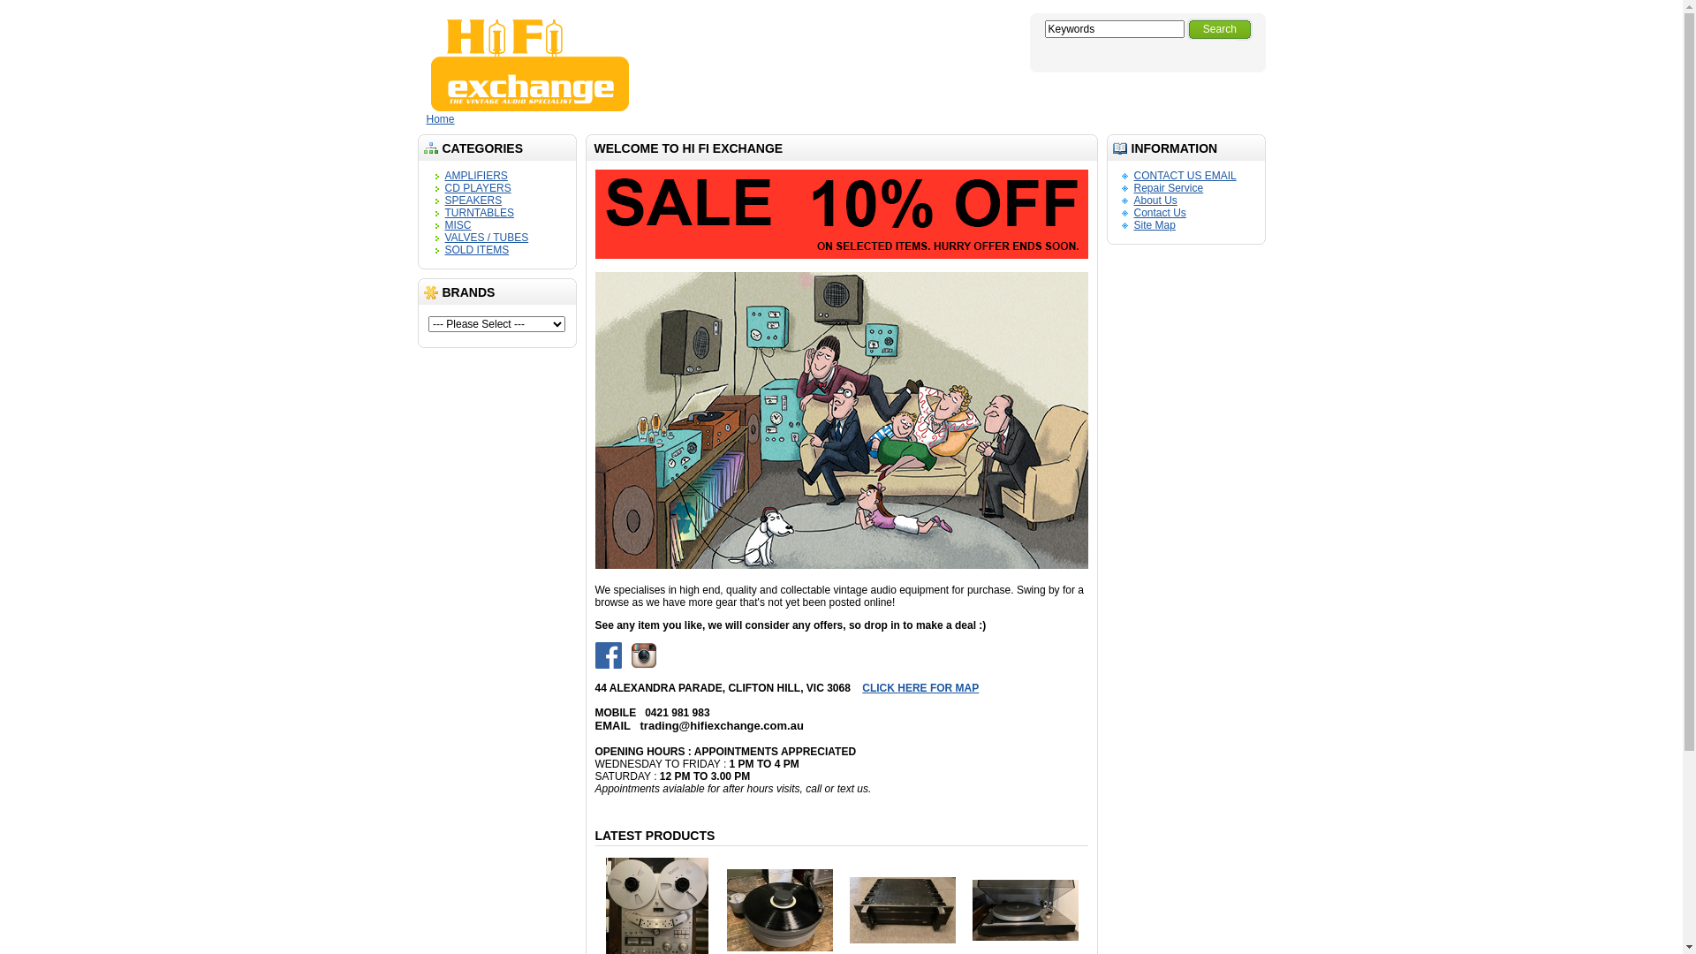 The image size is (1696, 954). Describe the element at coordinates (1155, 200) in the screenshot. I see `'About Us'` at that location.